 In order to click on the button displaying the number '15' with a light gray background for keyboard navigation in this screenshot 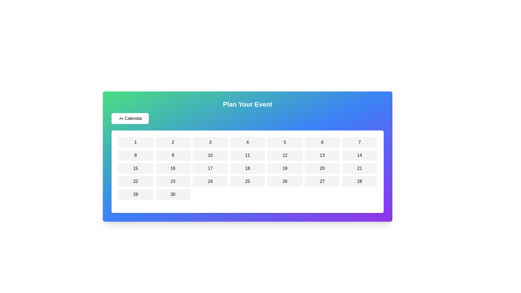, I will do `click(135, 168)`.